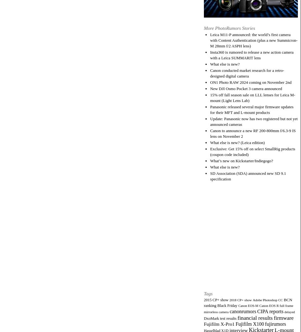 Image resolution: width=301 pixels, height=332 pixels. I want to click on 'Insta360 is rumored to release a new action camera with a Leica SUMMARIT lens', so click(252, 54).